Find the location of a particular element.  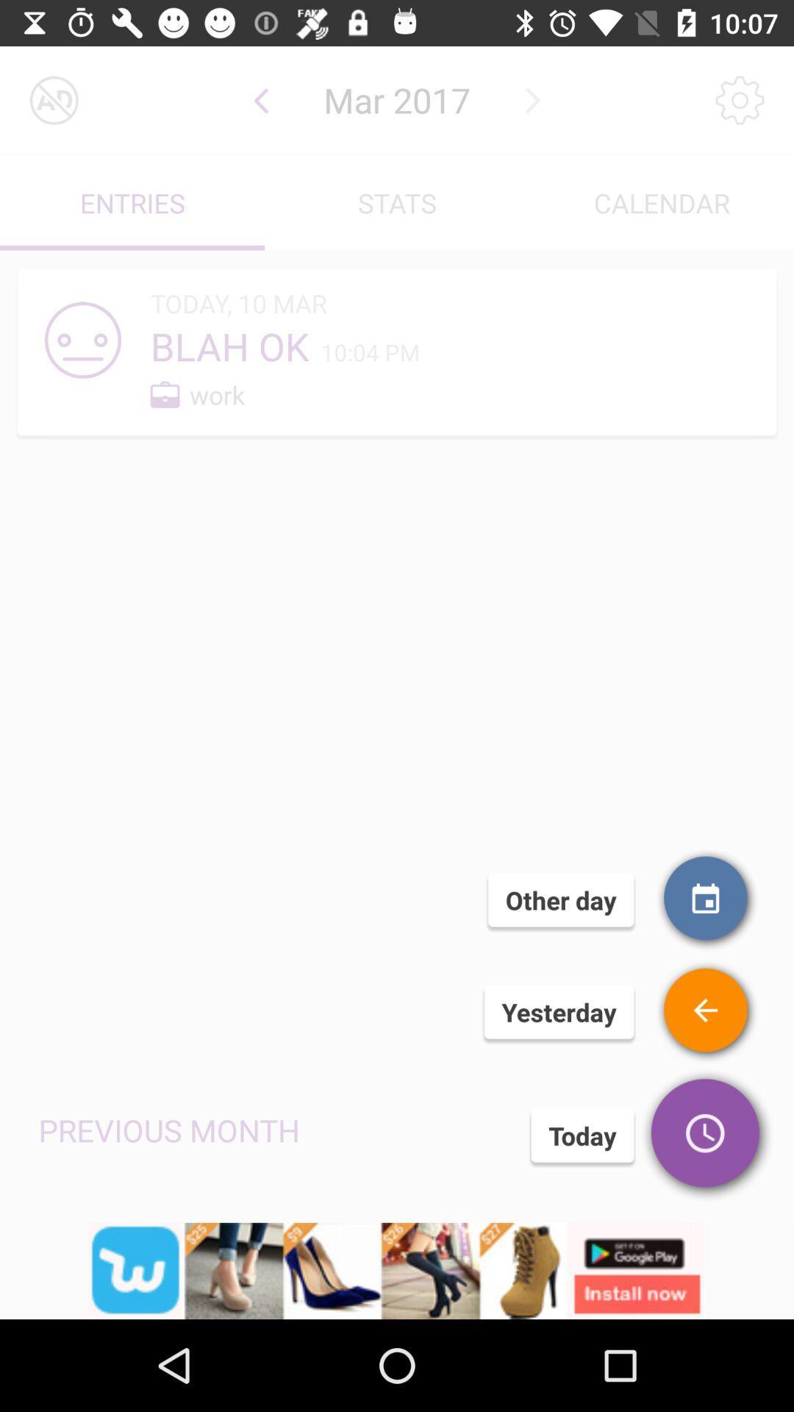

icon right to today text is located at coordinates (706, 1135).